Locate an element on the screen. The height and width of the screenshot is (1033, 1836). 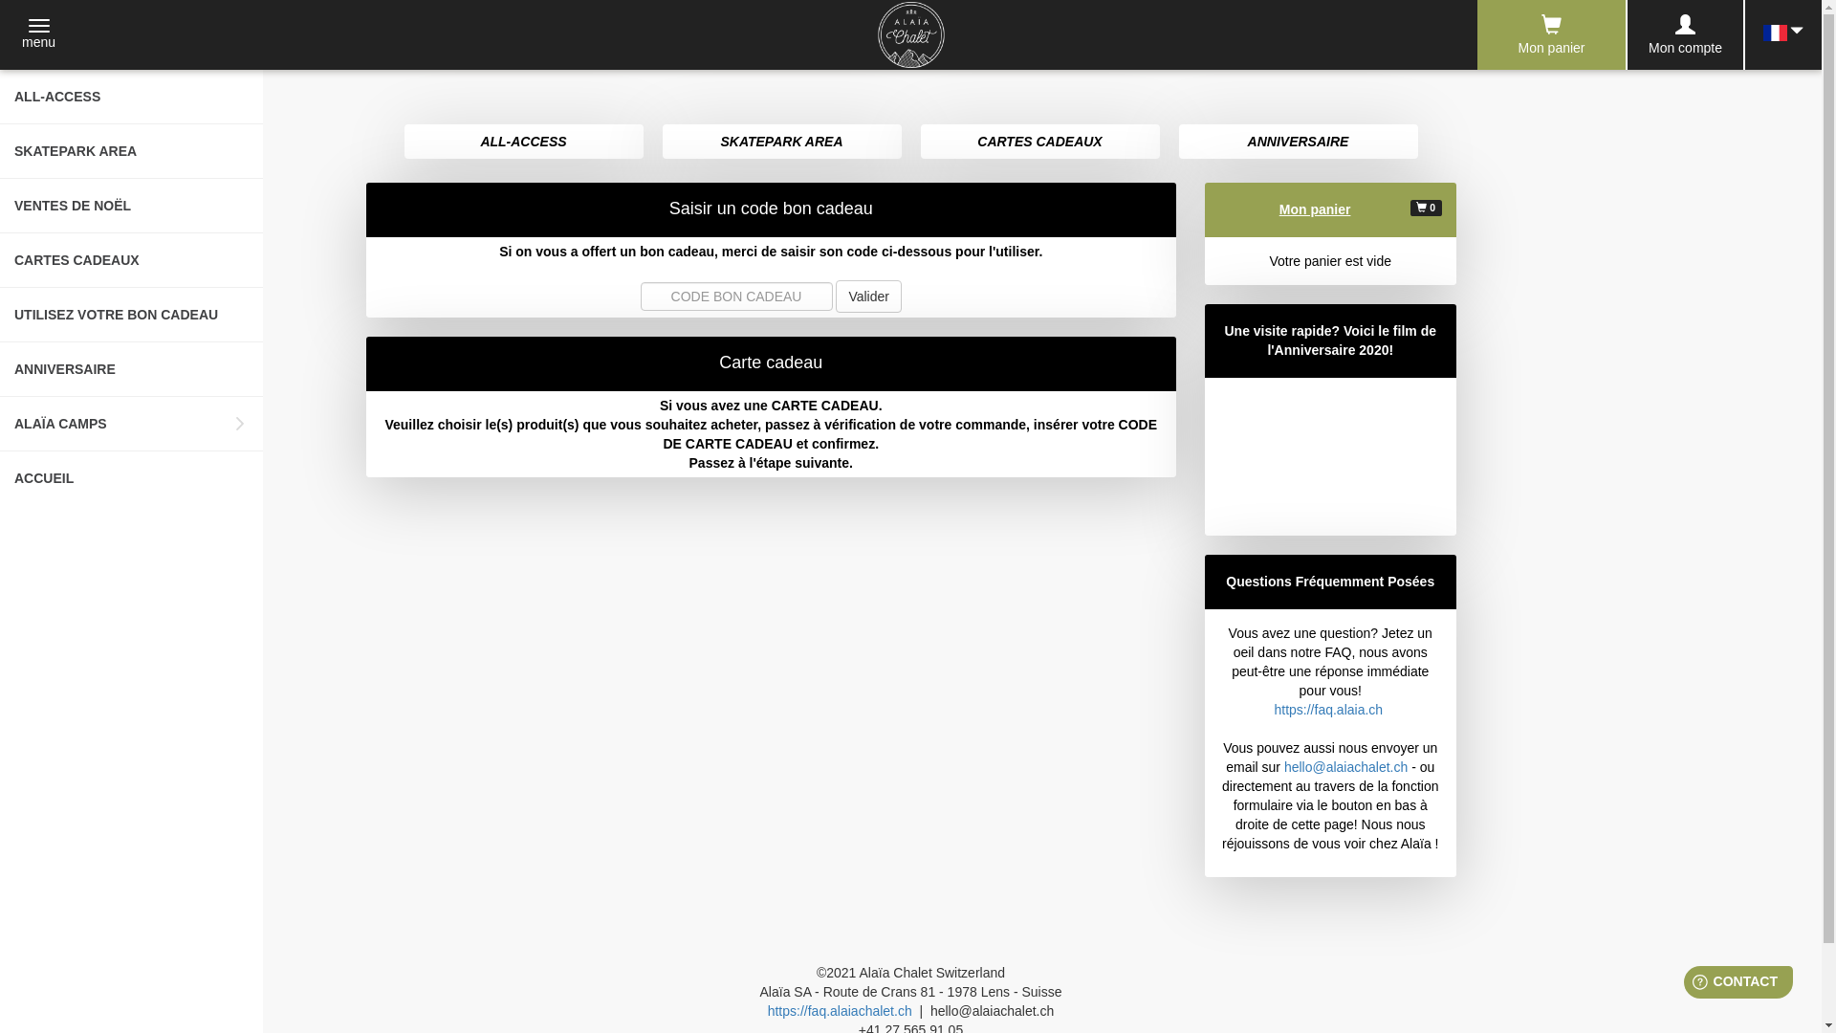
'Mon panier' is located at coordinates (1551, 34).